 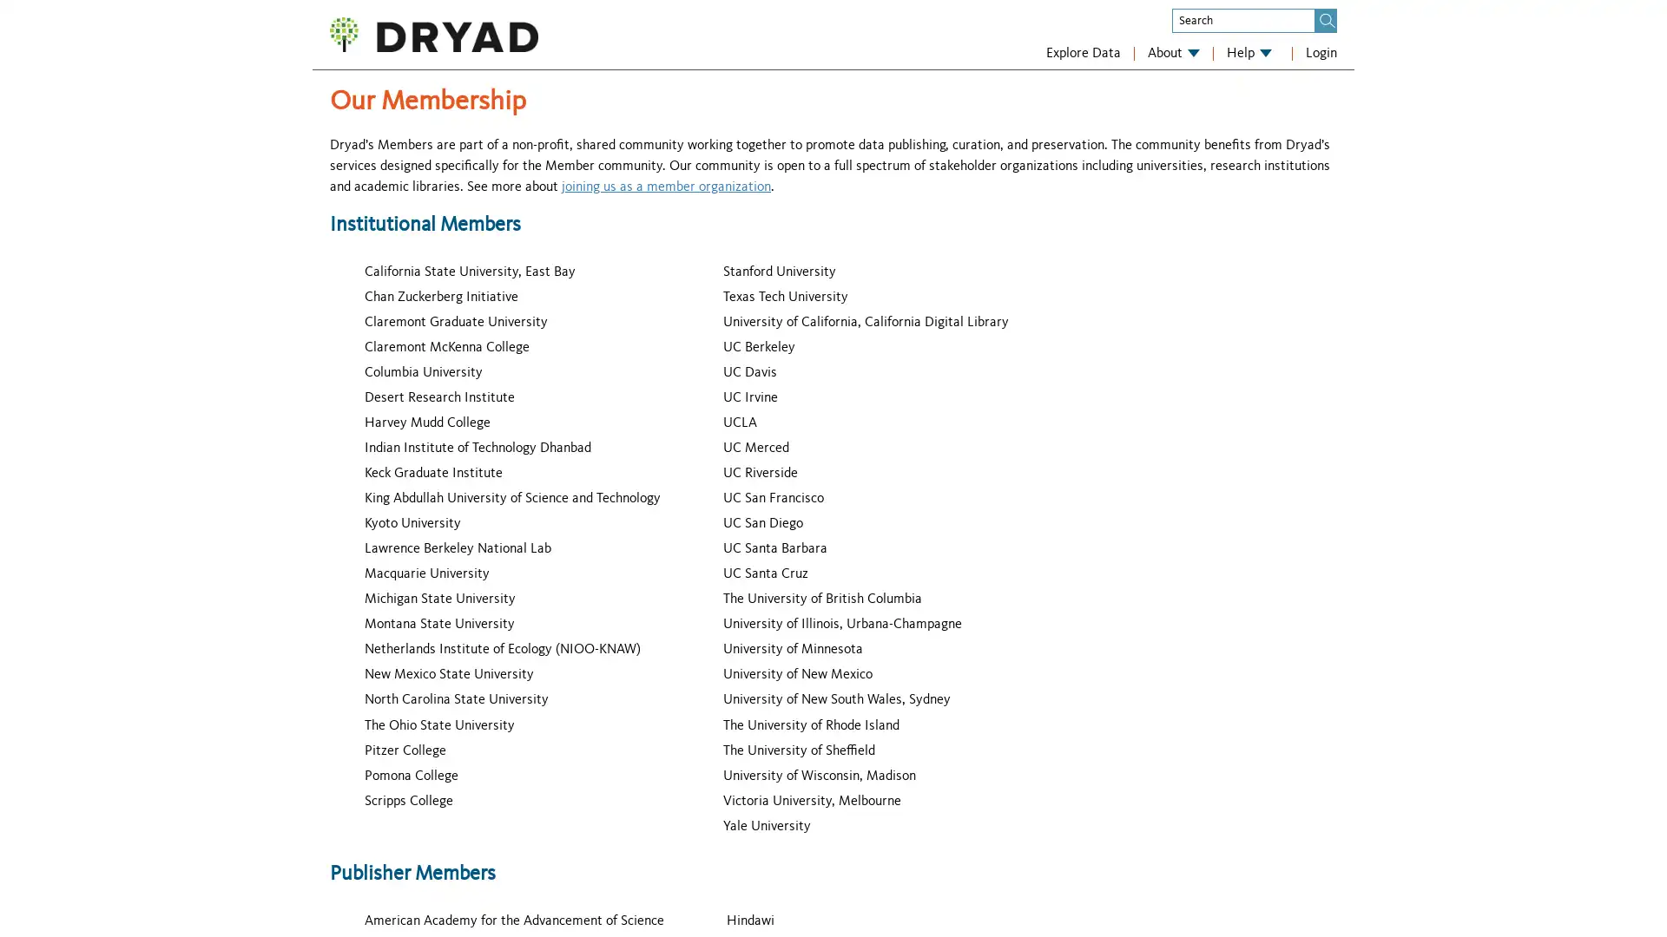 I want to click on Submit search, so click(x=1326, y=20).